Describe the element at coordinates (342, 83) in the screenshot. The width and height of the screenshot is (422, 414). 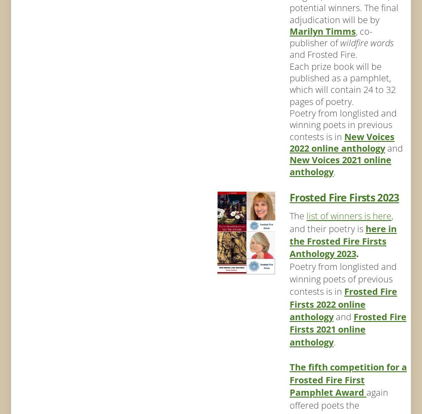
I see `'Each prize book will be published as a pamphlet, which will contain 24 to 32 pages of poetry.'` at that location.